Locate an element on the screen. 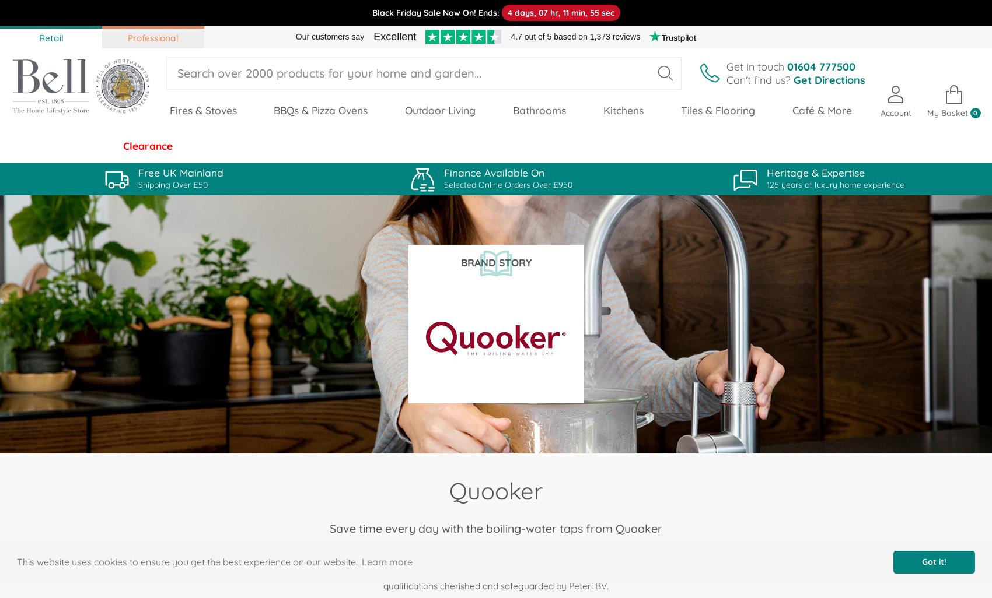 The height and width of the screenshot is (598, 992). 'Selected Online Orders Over £950' is located at coordinates (508, 184).